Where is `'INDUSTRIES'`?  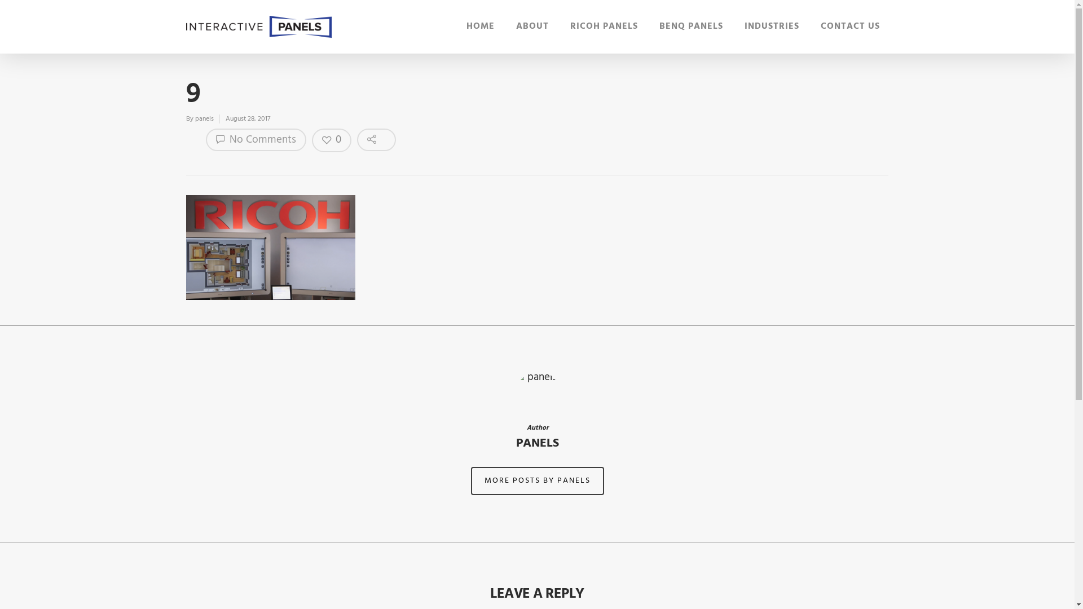 'INDUSTRIES' is located at coordinates (771, 28).